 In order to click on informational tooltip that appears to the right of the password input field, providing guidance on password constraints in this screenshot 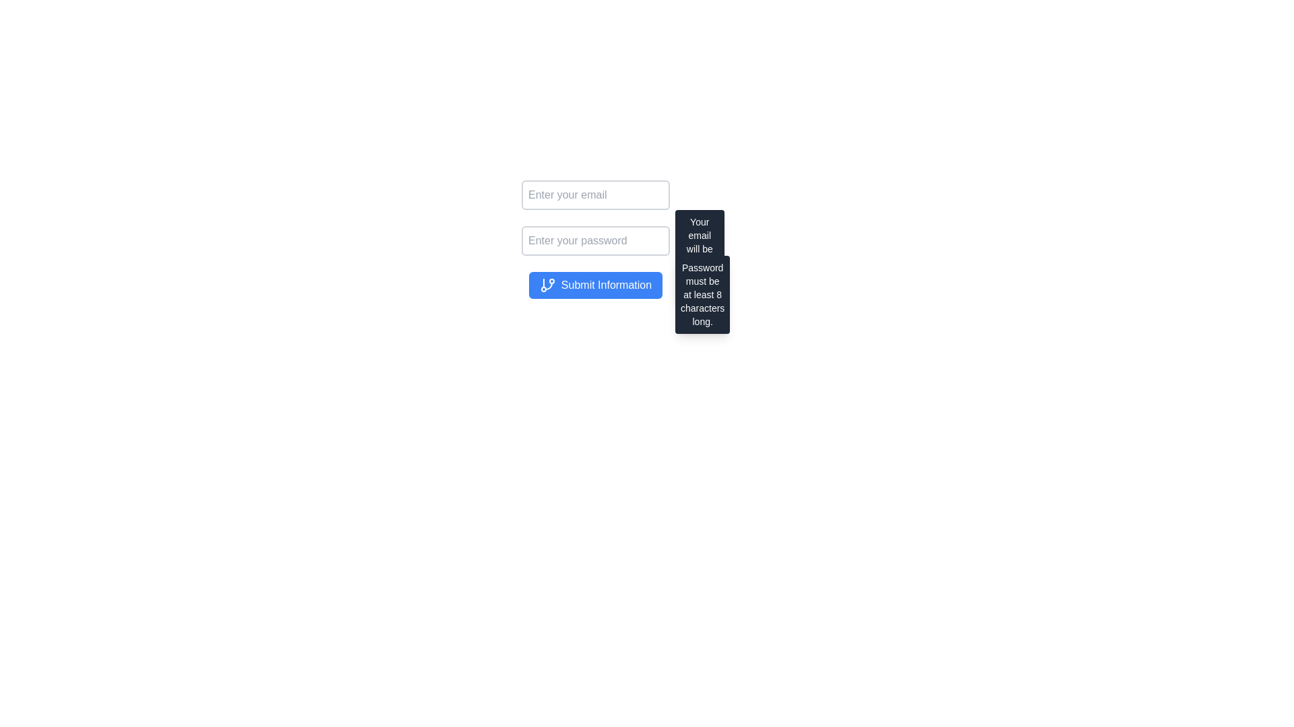, I will do `click(702, 294)`.